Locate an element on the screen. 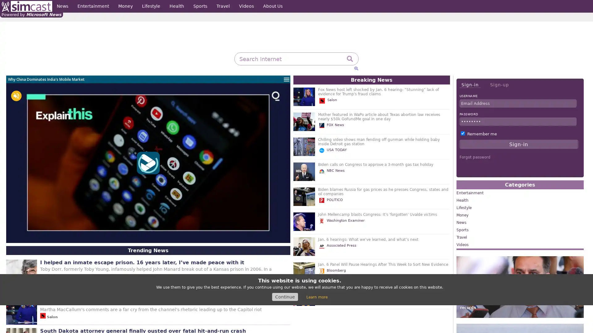 The image size is (593, 333). Sign-up is located at coordinates (499, 84).